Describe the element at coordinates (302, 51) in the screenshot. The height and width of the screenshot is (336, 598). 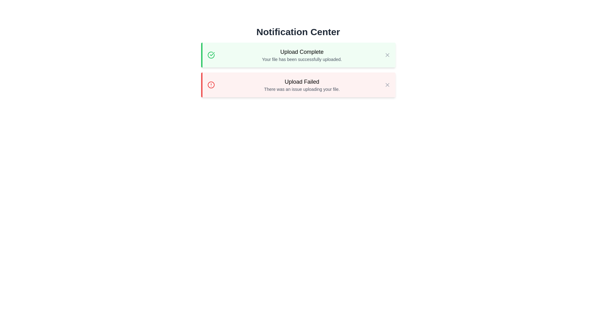
I see `static text label that serves as the heading for the notification message indicating the success of the upload action, located in the upper notification box above the text 'Your file has been successfully uploaded.'` at that location.